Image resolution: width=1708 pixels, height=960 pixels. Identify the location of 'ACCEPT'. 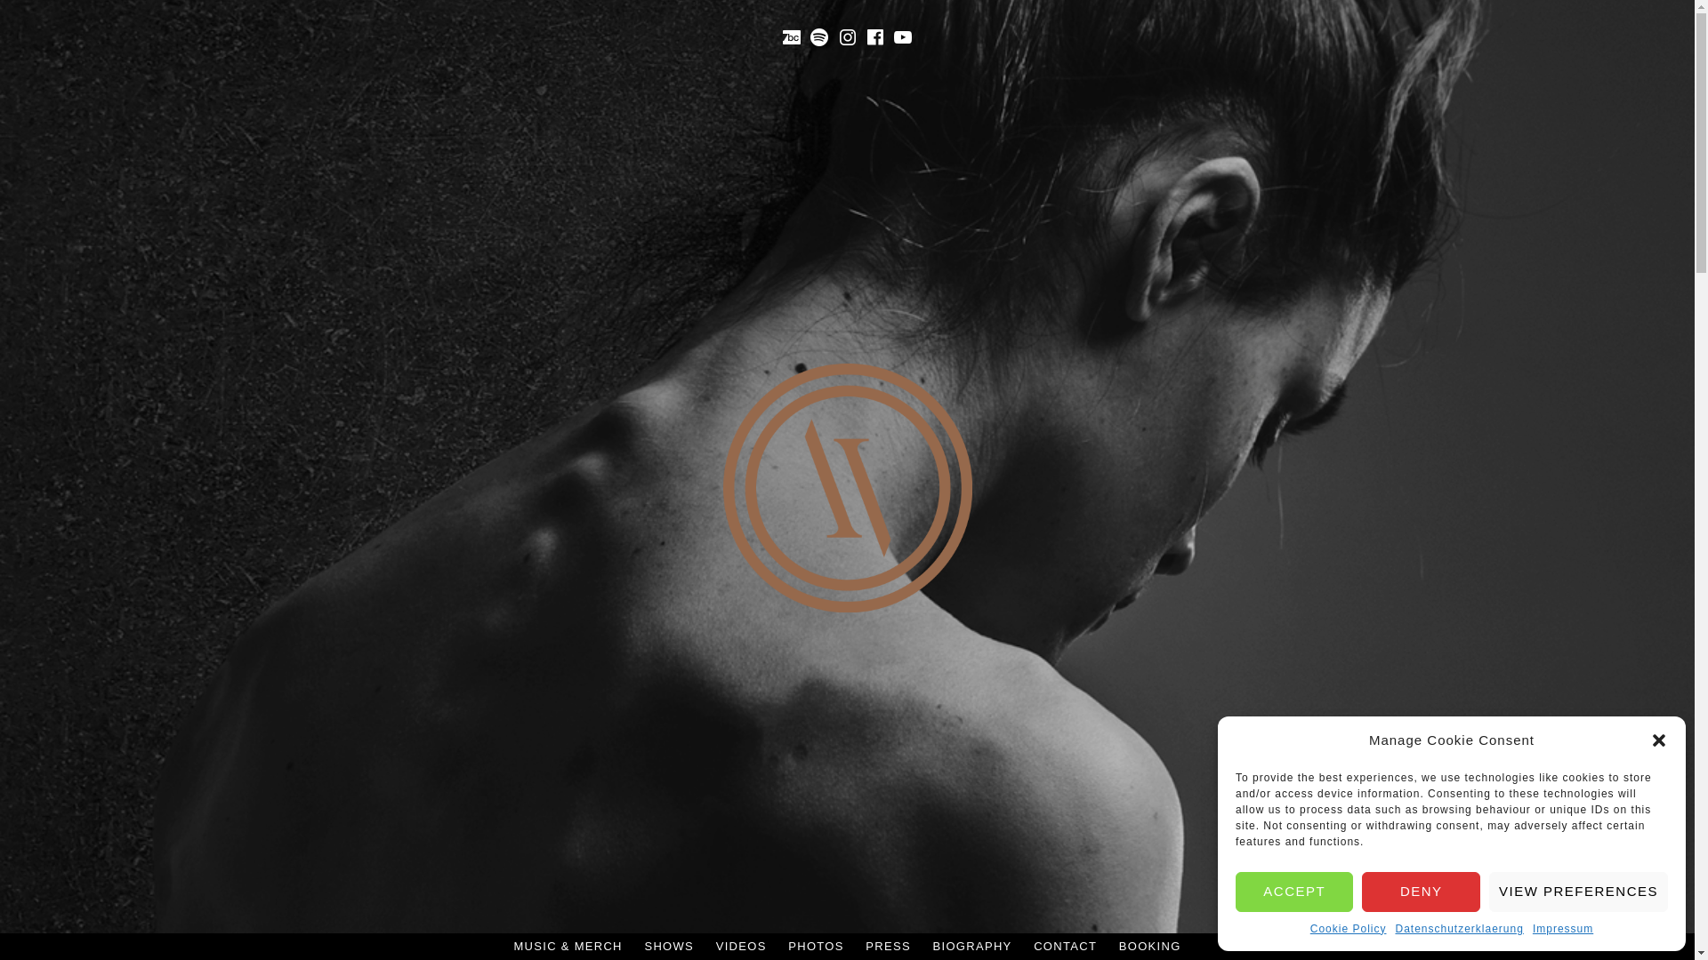
(1293, 891).